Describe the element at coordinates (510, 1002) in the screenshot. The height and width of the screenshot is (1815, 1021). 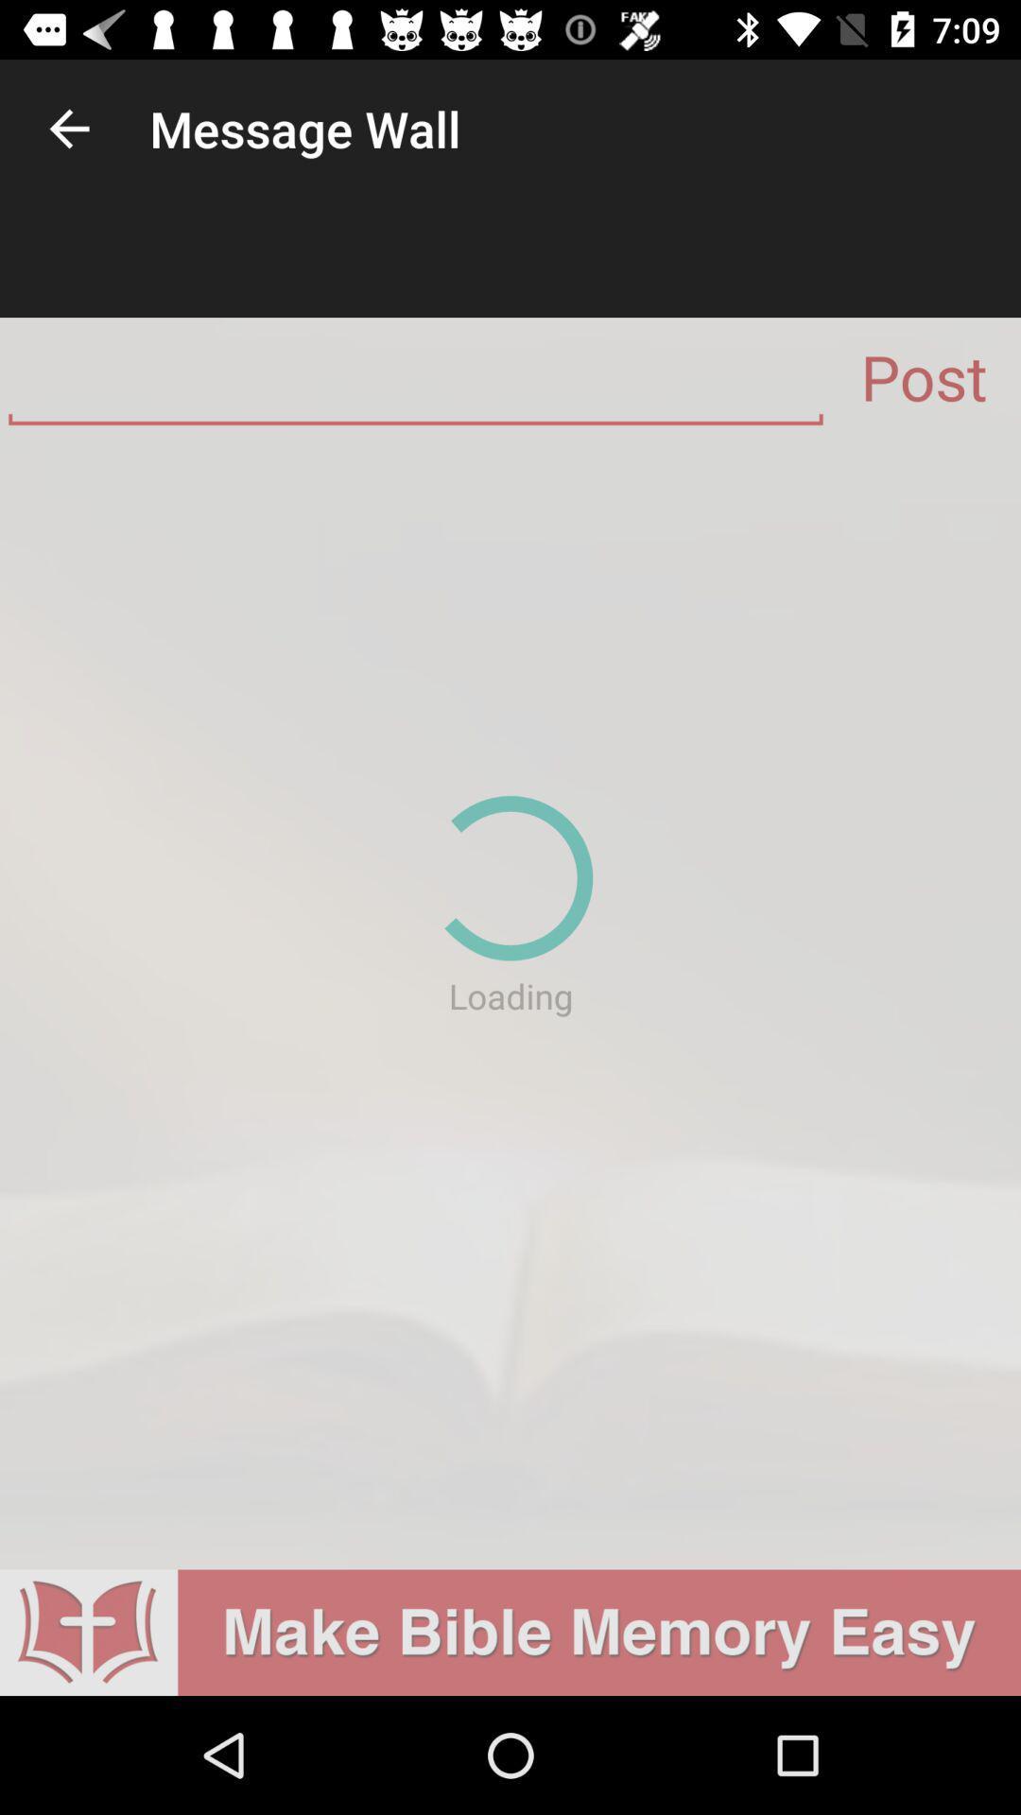
I see `loading option` at that location.